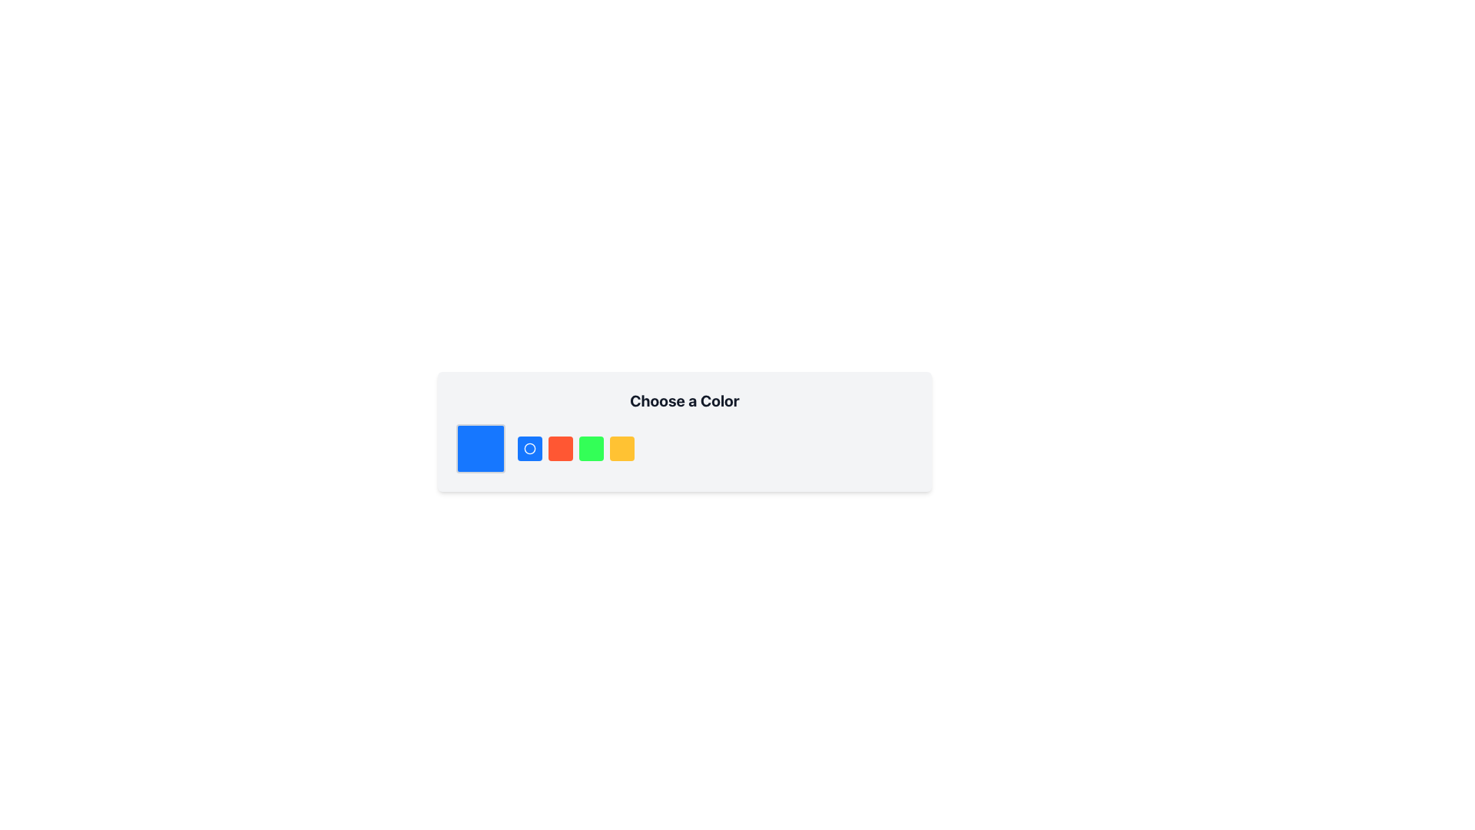  What do you see at coordinates (530, 448) in the screenshot?
I see `the Circle icon with a white center and blue outline, which is the second circle in a row of colored circles below the text 'Choose a Color'` at bounding box center [530, 448].